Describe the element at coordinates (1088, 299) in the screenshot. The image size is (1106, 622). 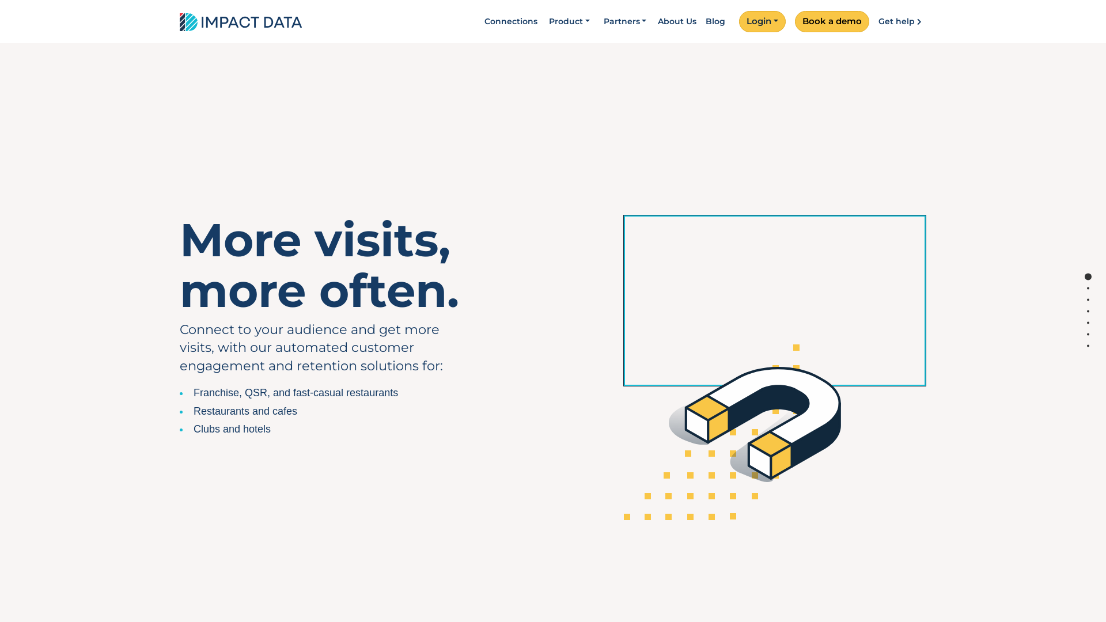
I see `'Section 3'` at that location.